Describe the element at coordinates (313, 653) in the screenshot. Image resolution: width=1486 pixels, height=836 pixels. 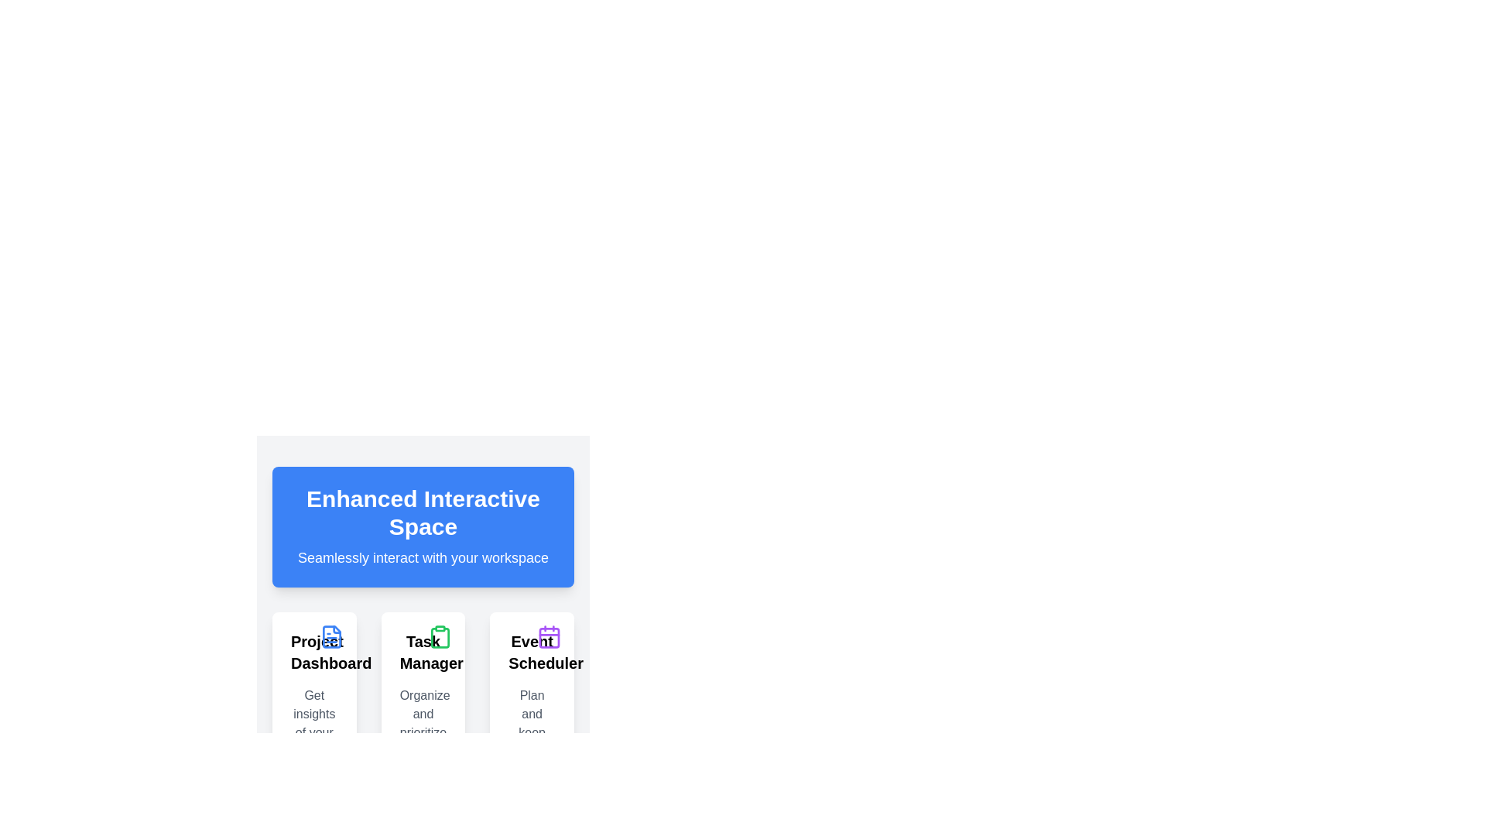
I see `the text label displaying 'Project Dashboard' at the top of the card element in the first column of the grid layout` at that location.